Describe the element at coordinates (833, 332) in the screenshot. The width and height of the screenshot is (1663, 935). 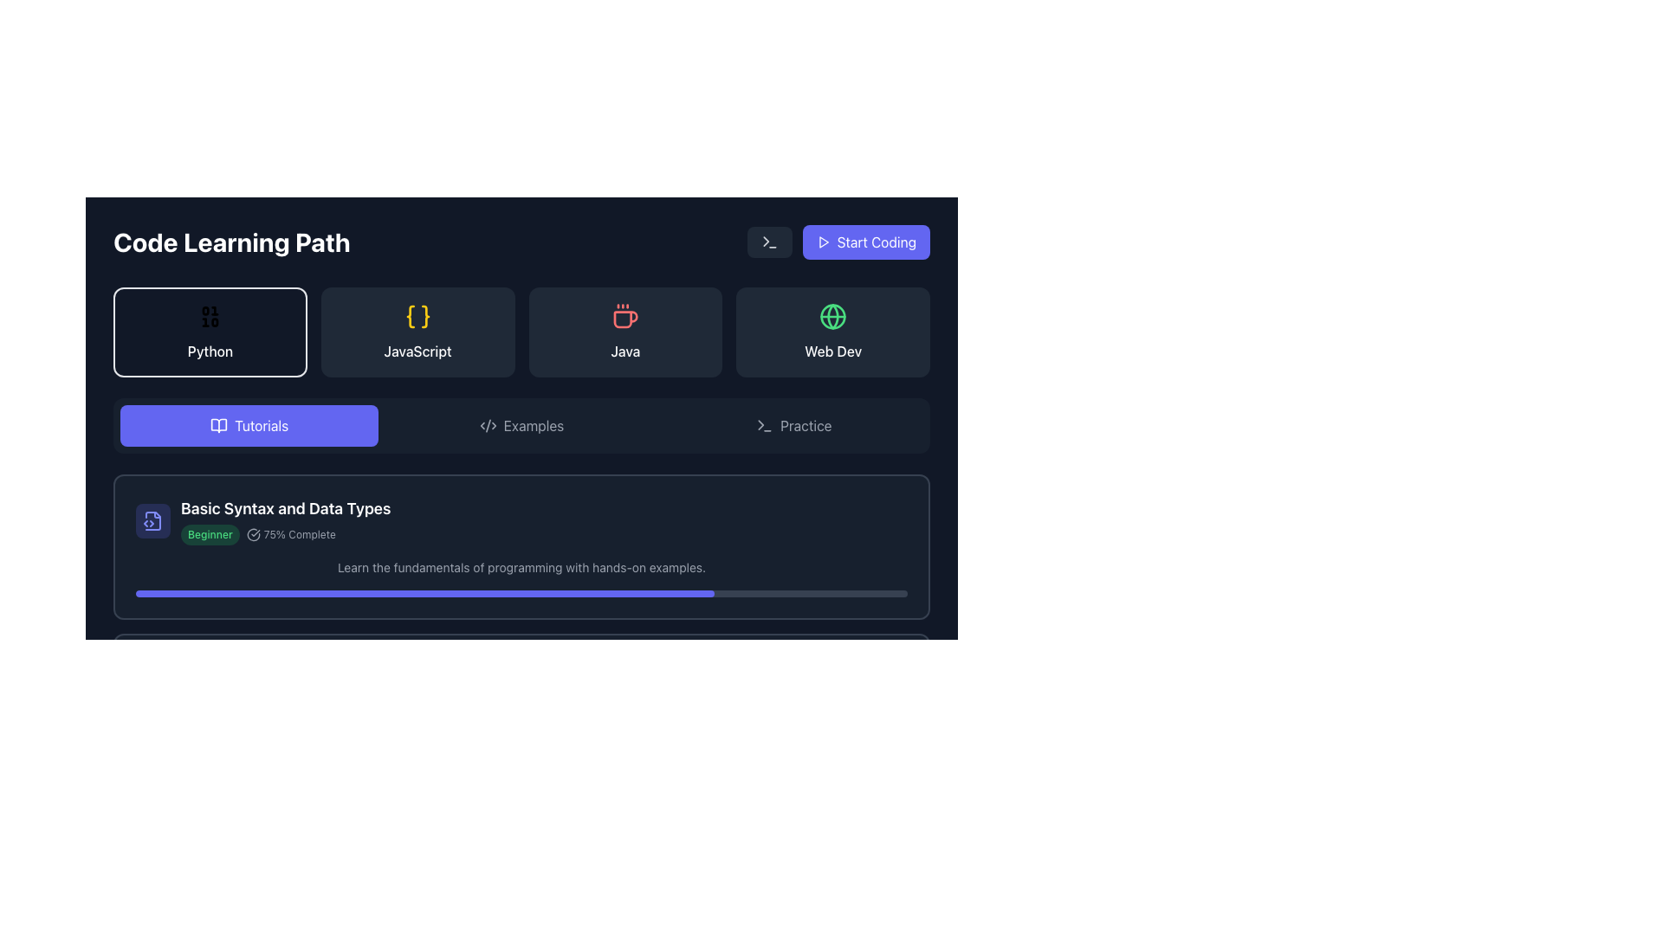
I see `the 'Web Dev' button, which is a rectangular card with rounded edges, a dark gray background, light border, featuring a green globe icon and white text, positioned as the fourth tile in the top row of a grid` at that location.